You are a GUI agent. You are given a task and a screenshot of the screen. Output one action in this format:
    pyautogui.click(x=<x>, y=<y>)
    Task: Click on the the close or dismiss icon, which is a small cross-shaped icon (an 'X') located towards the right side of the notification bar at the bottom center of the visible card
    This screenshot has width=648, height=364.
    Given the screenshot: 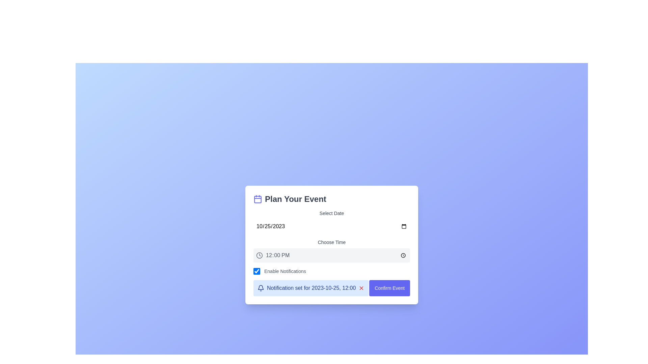 What is the action you would take?
    pyautogui.click(x=361, y=288)
    